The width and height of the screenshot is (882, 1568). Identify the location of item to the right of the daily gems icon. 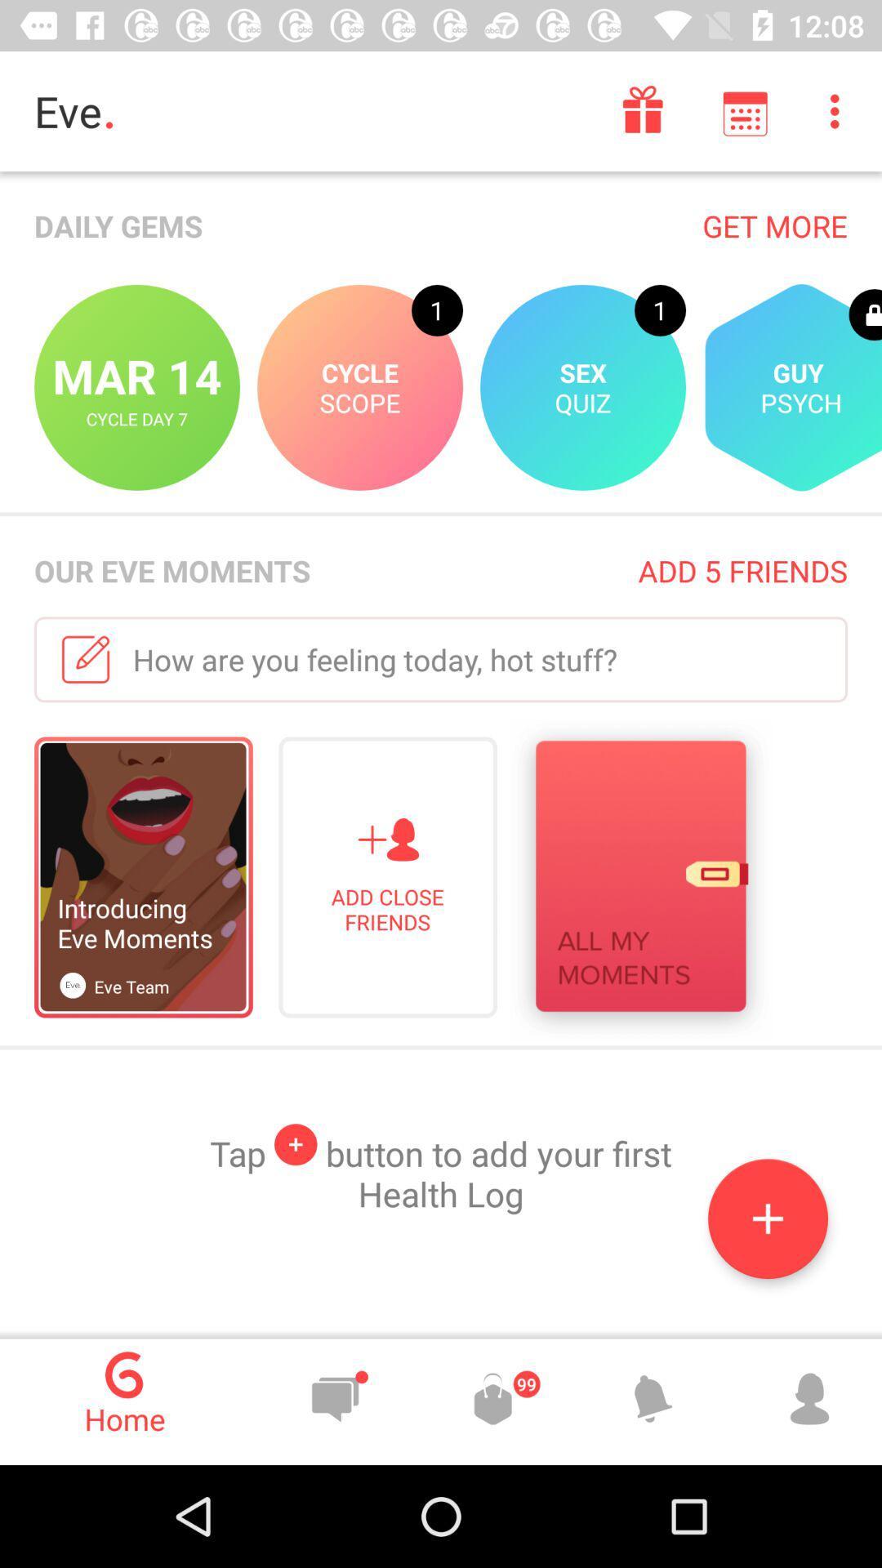
(774, 225).